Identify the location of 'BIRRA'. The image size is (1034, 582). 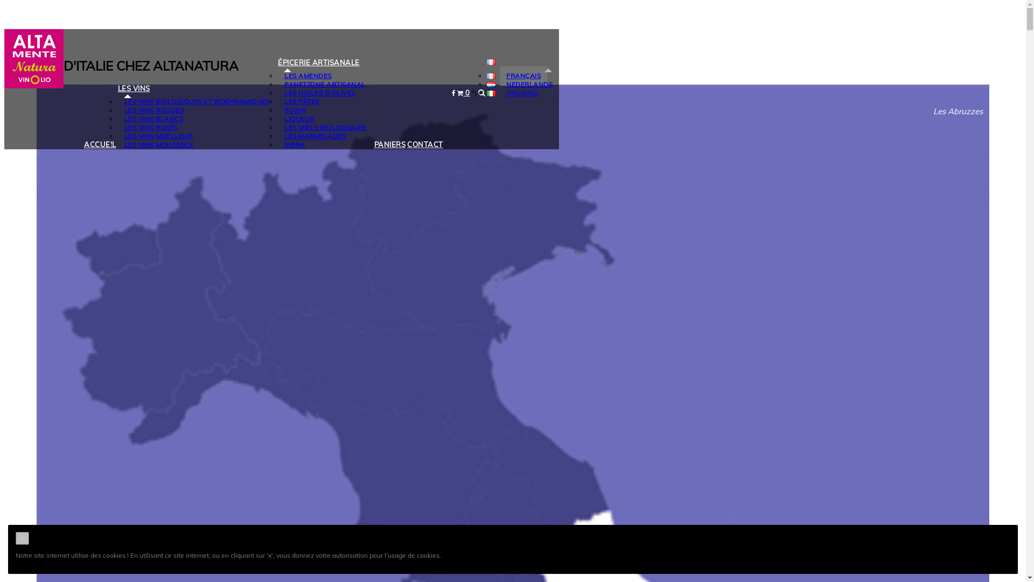
(277, 144).